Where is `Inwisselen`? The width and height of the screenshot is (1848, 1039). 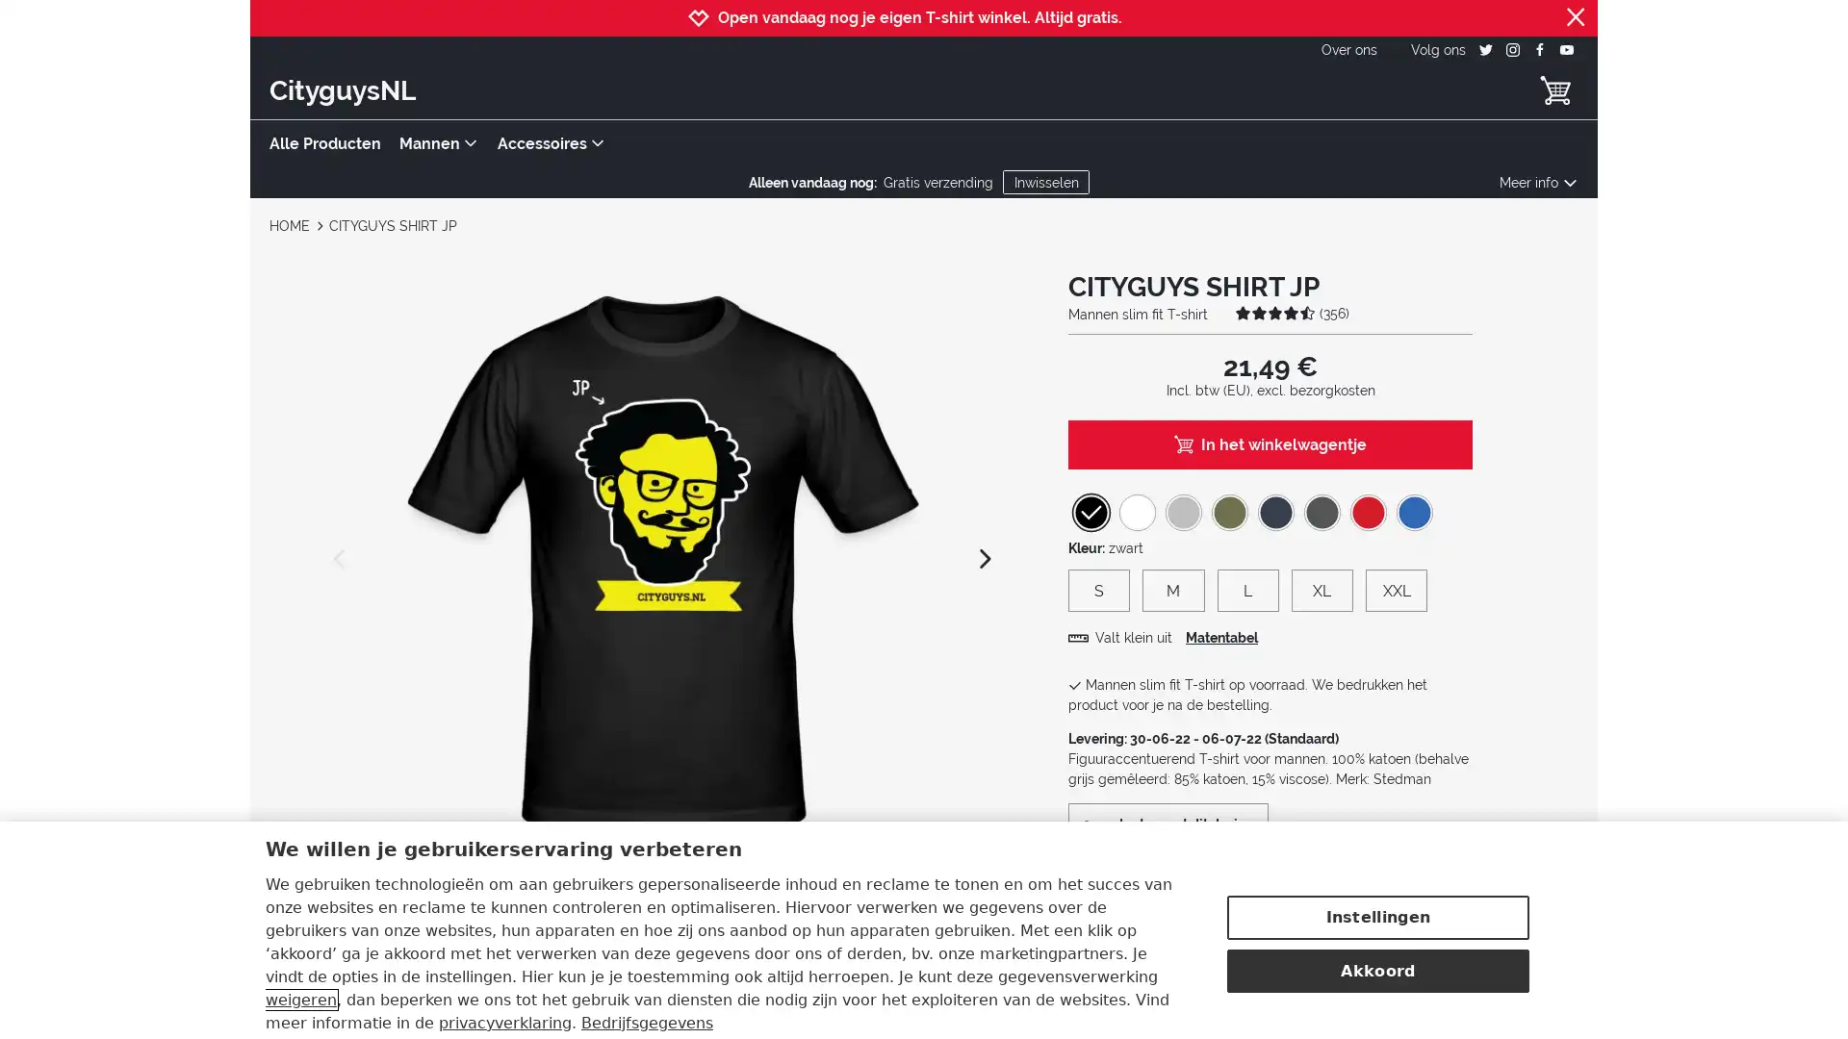
Inwisselen is located at coordinates (1044, 182).